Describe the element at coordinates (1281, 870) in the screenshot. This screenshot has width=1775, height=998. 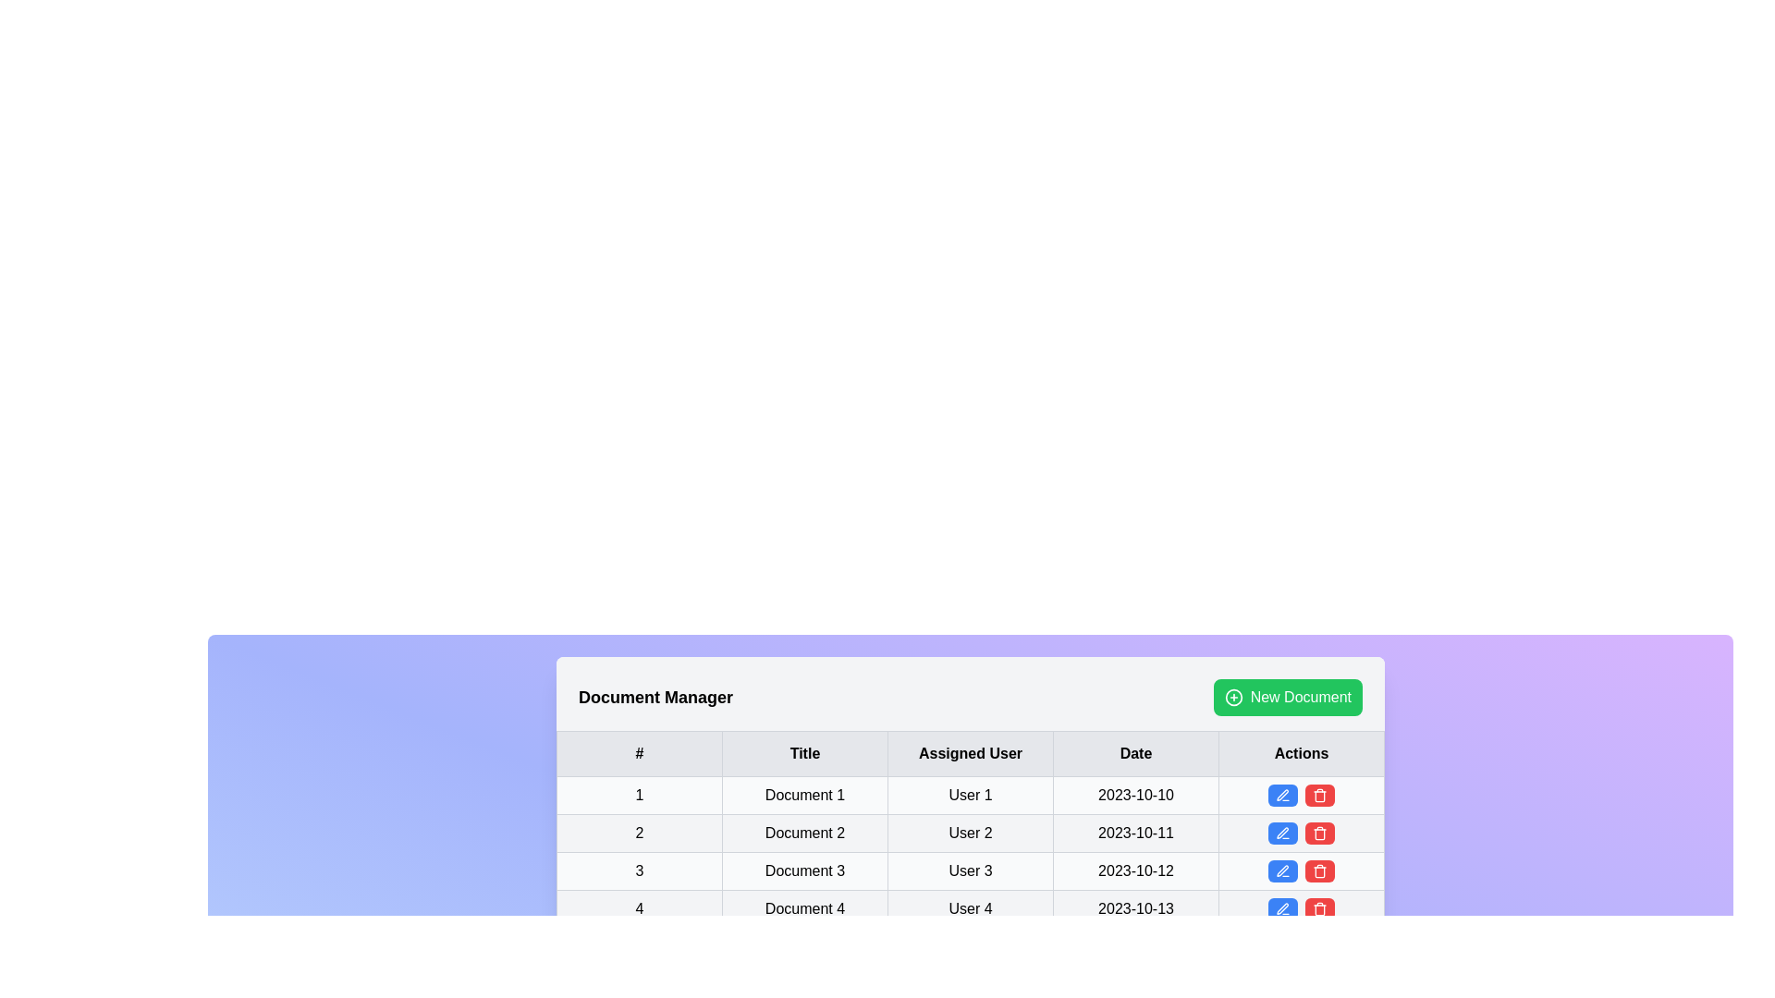
I see `the pen icon button in the Actions column of the document table` at that location.